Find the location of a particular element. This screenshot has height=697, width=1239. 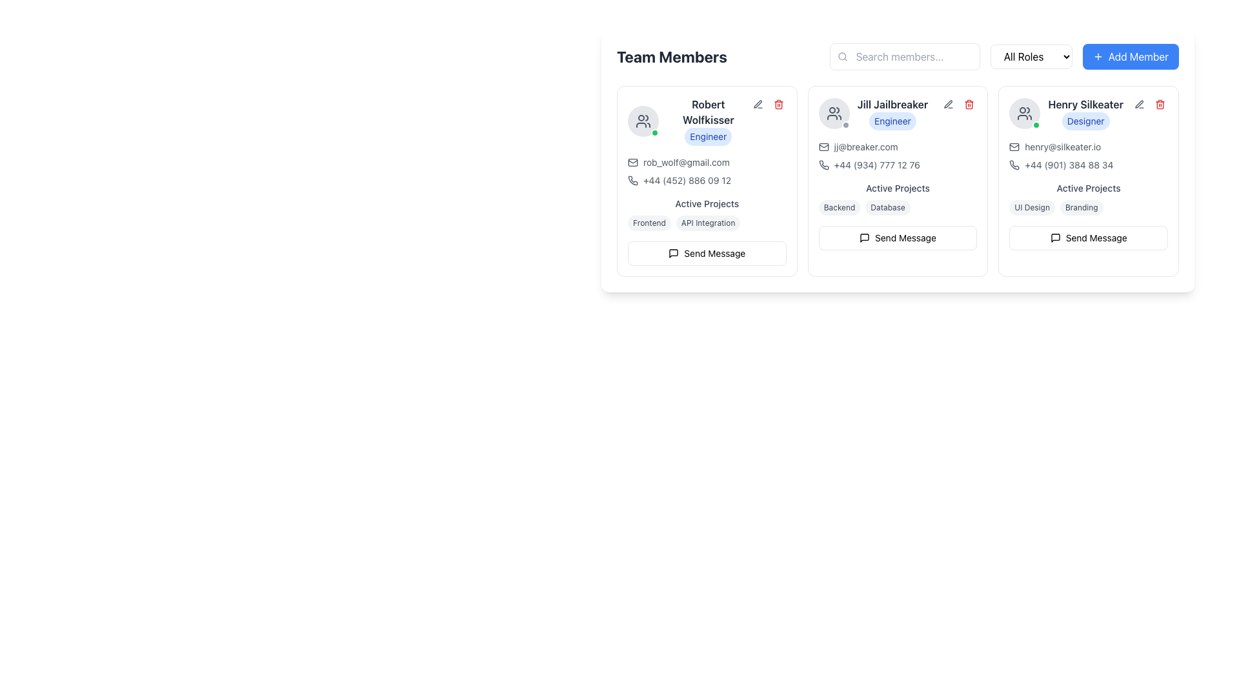

the second label under the 'Active Projects' heading in Jill Jailbreaker's user card, which provides information about a project or skill, located to the right of the 'Backend' tag is located at coordinates (887, 207).